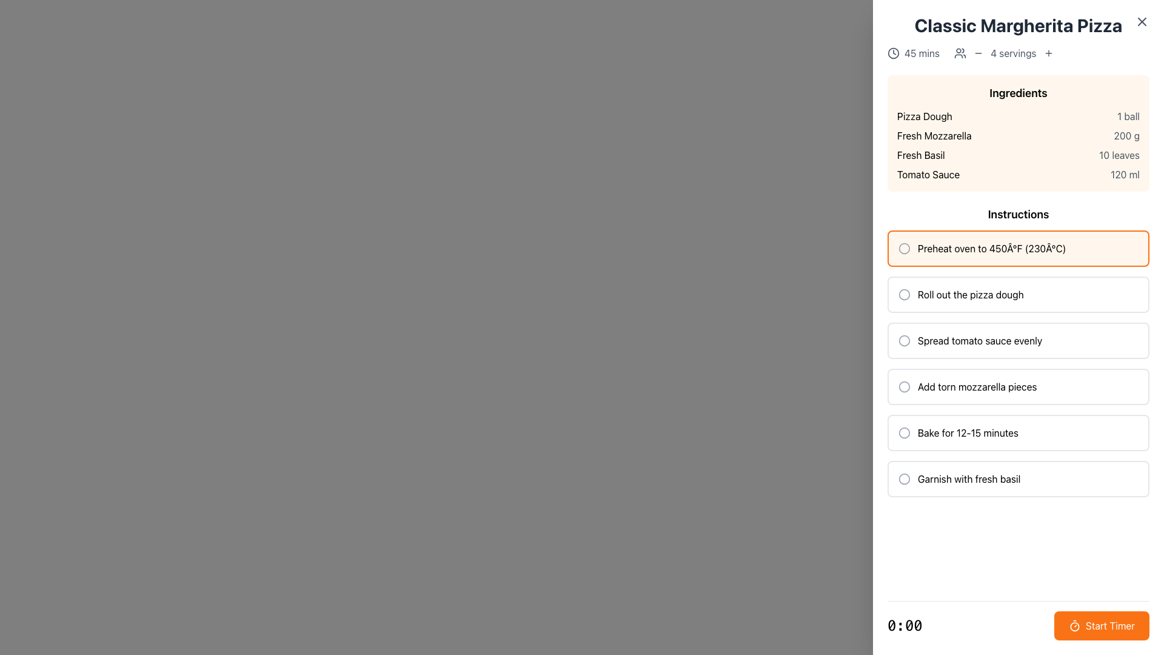 The image size is (1164, 655). What do you see at coordinates (1018, 247) in the screenshot?
I see `the instructional text guiding the user to preheat the oven, located in the 'Instructions' section below the 'Classic Margherita Pizza' header` at bounding box center [1018, 247].